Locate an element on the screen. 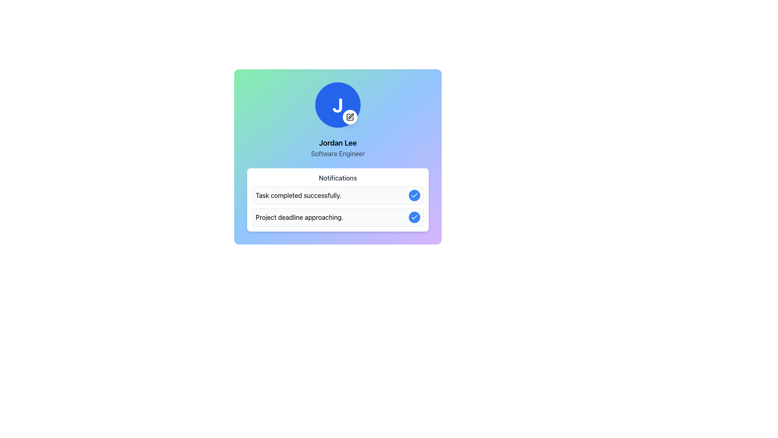  the blue circular button with a white checkmark icon to confirm the task, located at the far right of the notification item labeled 'Project deadline approaching.' is located at coordinates (414, 217).